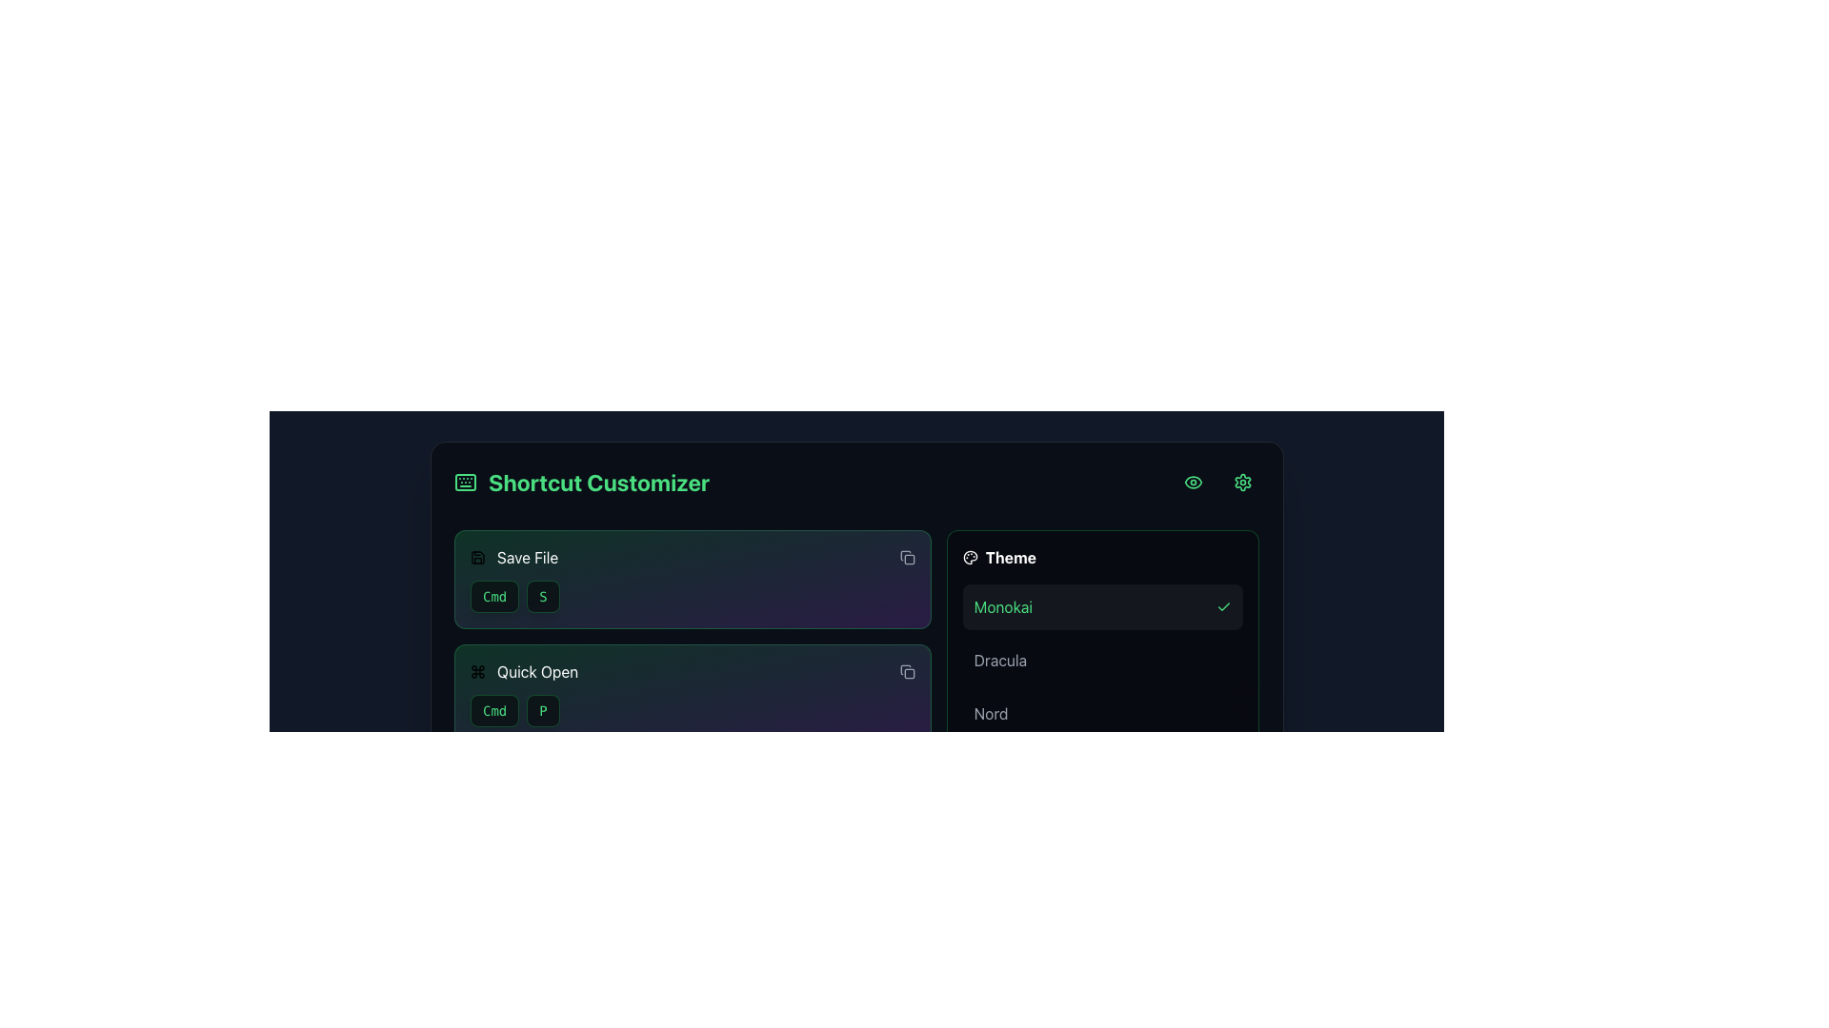 This screenshot has width=1829, height=1028. What do you see at coordinates (477, 670) in the screenshot?
I see `the 'Quick Open' icon located on the left side of the 'Shortcut Customizer' panel` at bounding box center [477, 670].